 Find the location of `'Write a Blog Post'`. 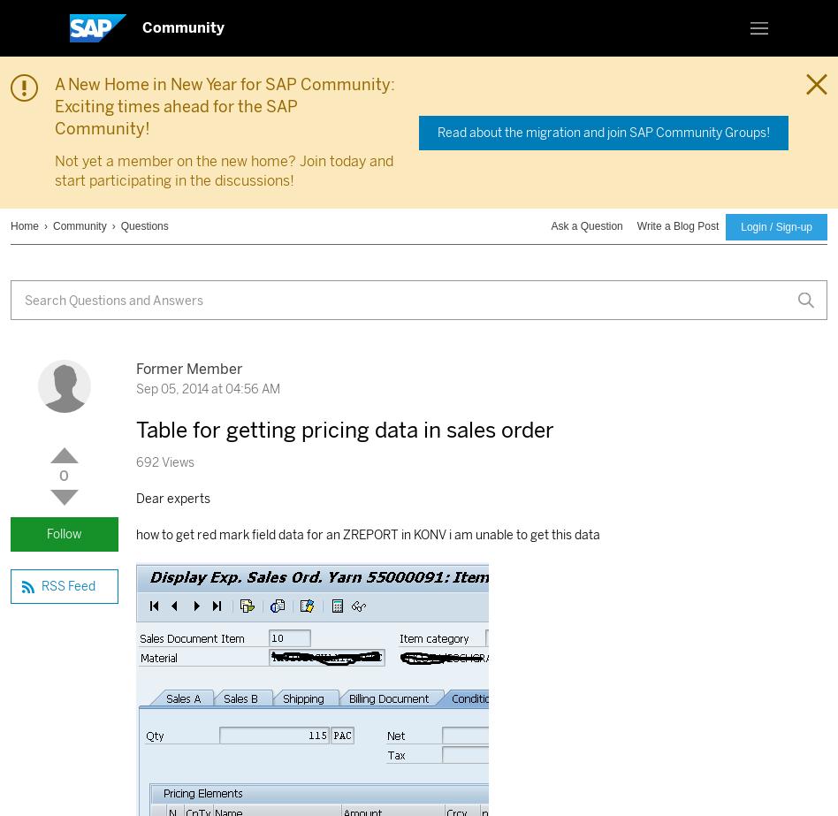

'Write a Blog Post' is located at coordinates (636, 226).